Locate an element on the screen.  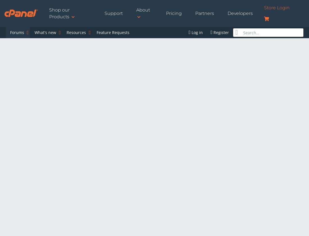
'Log in' is located at coordinates (197, 32).